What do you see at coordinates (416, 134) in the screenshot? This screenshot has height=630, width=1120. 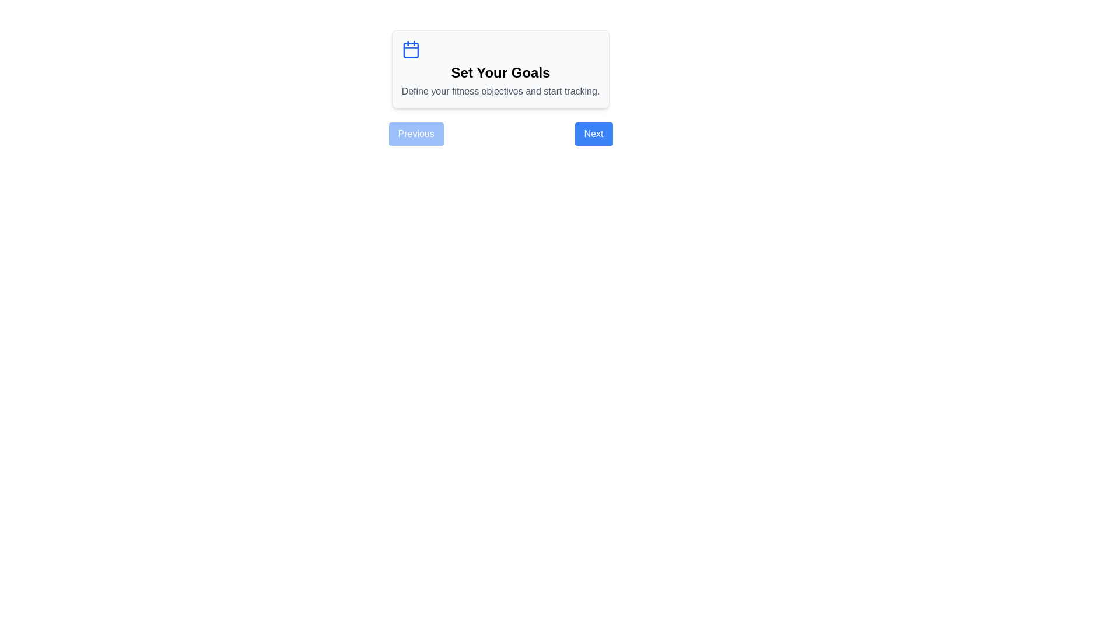 I see `the 'Previous' button, which is a rectangular button with rounded corners, a blue background, and white text` at bounding box center [416, 134].